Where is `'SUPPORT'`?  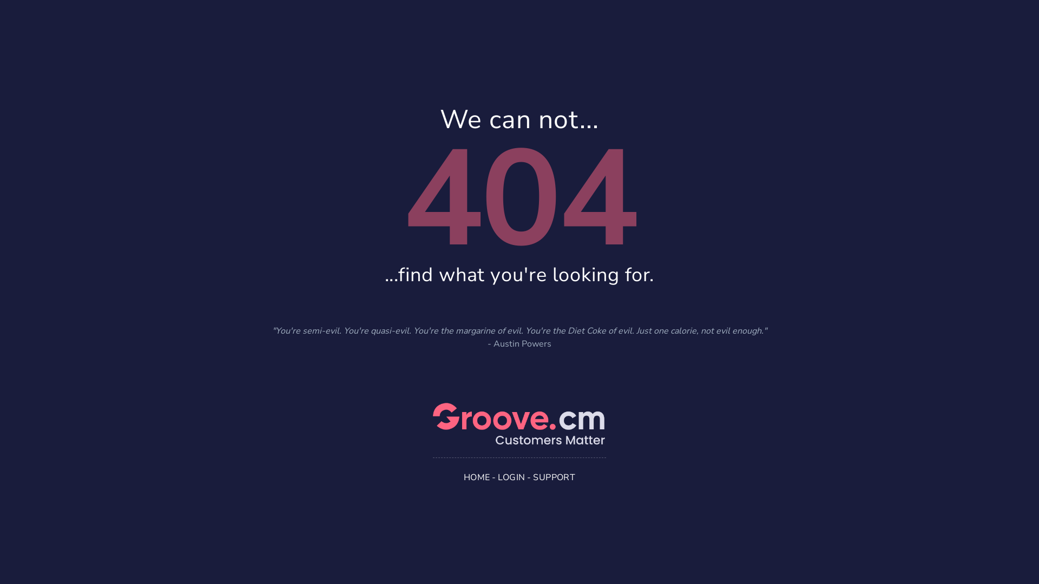
'SUPPORT' is located at coordinates (554, 477).